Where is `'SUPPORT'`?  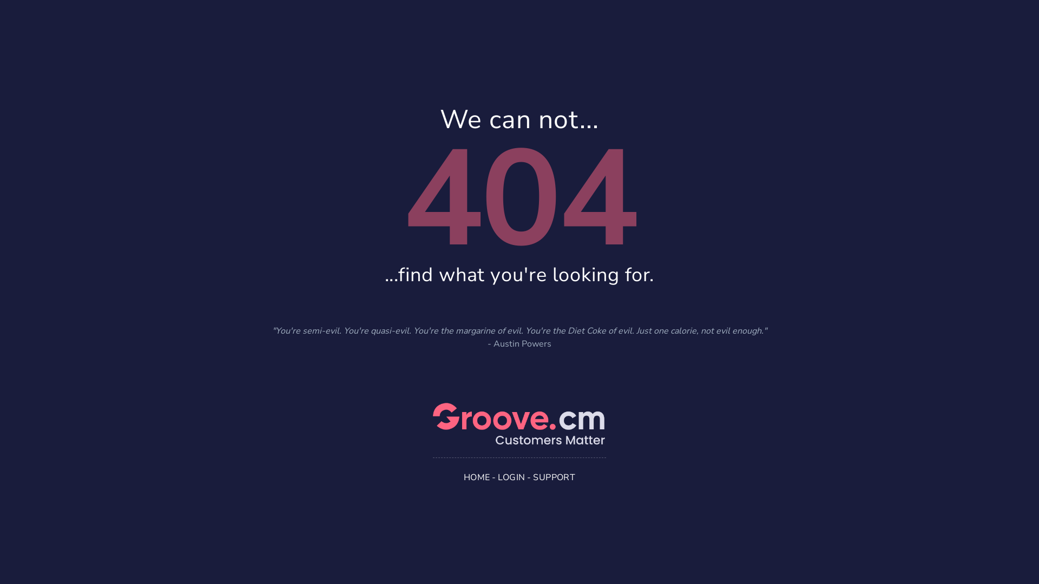
'SUPPORT' is located at coordinates (554, 477).